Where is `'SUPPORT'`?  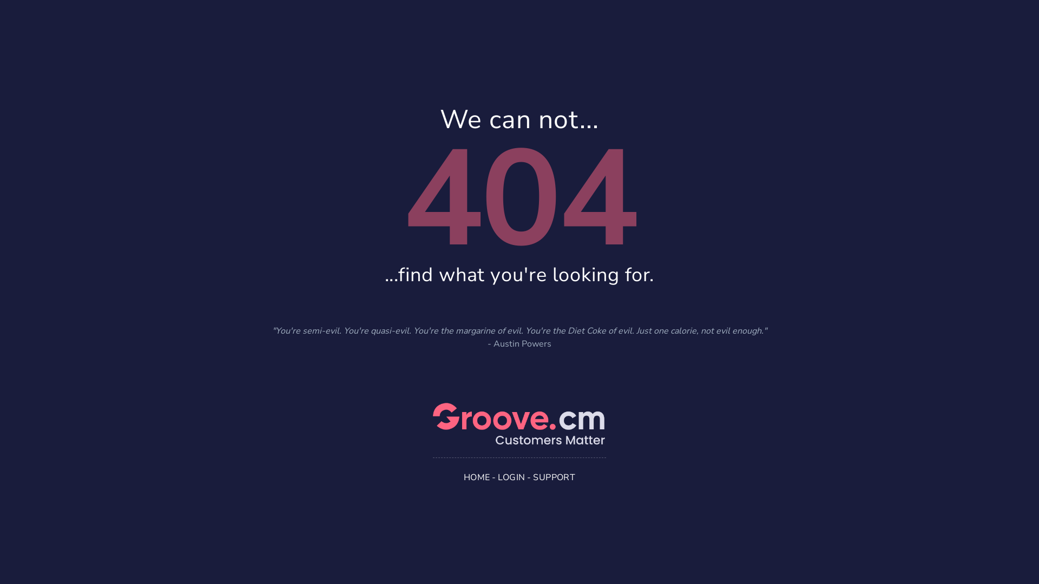
'SUPPORT' is located at coordinates (554, 477).